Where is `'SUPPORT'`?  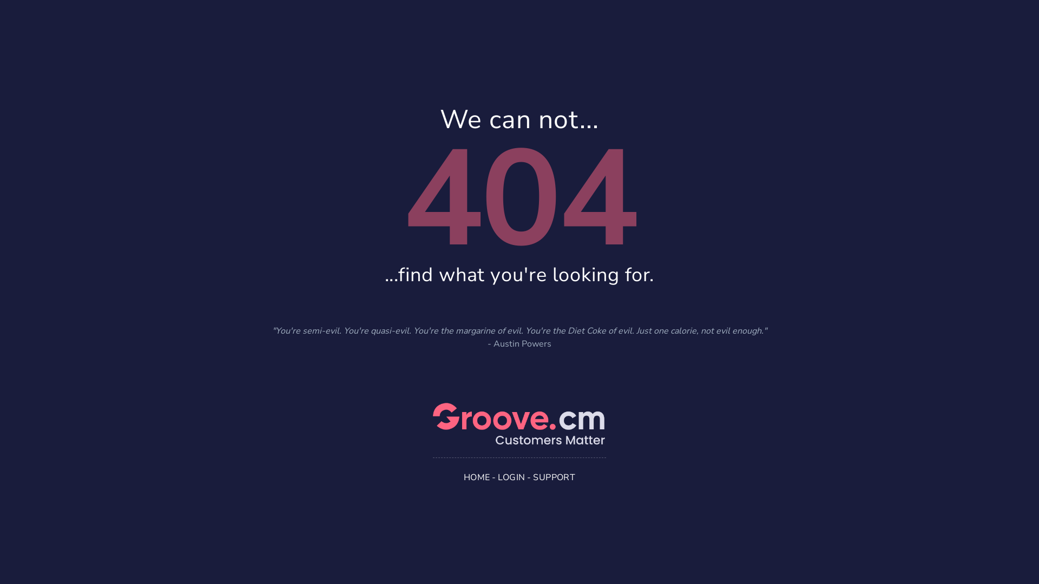
'SUPPORT' is located at coordinates (554, 477).